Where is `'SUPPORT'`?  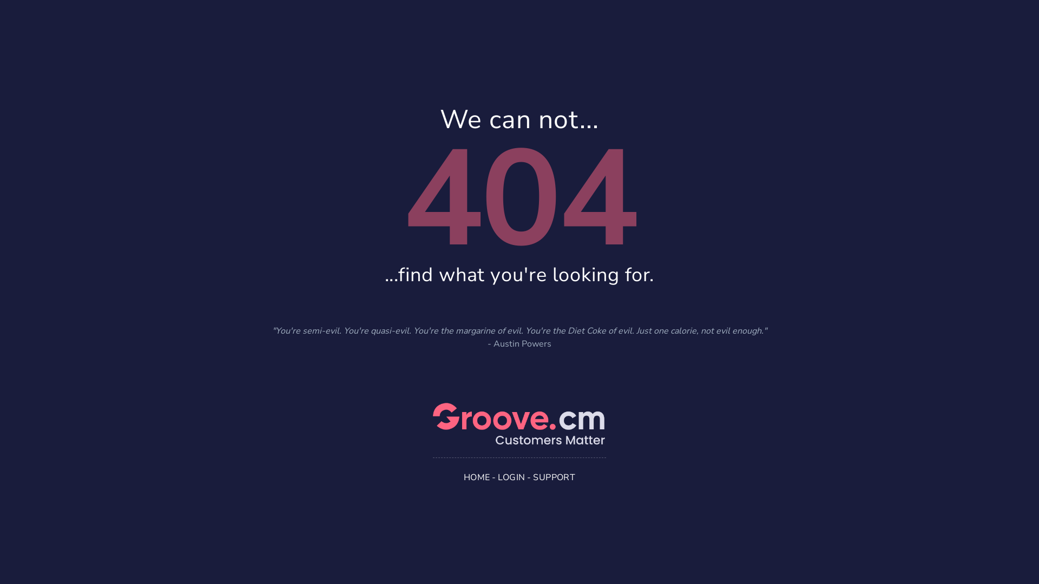
'SUPPORT' is located at coordinates (554, 477).